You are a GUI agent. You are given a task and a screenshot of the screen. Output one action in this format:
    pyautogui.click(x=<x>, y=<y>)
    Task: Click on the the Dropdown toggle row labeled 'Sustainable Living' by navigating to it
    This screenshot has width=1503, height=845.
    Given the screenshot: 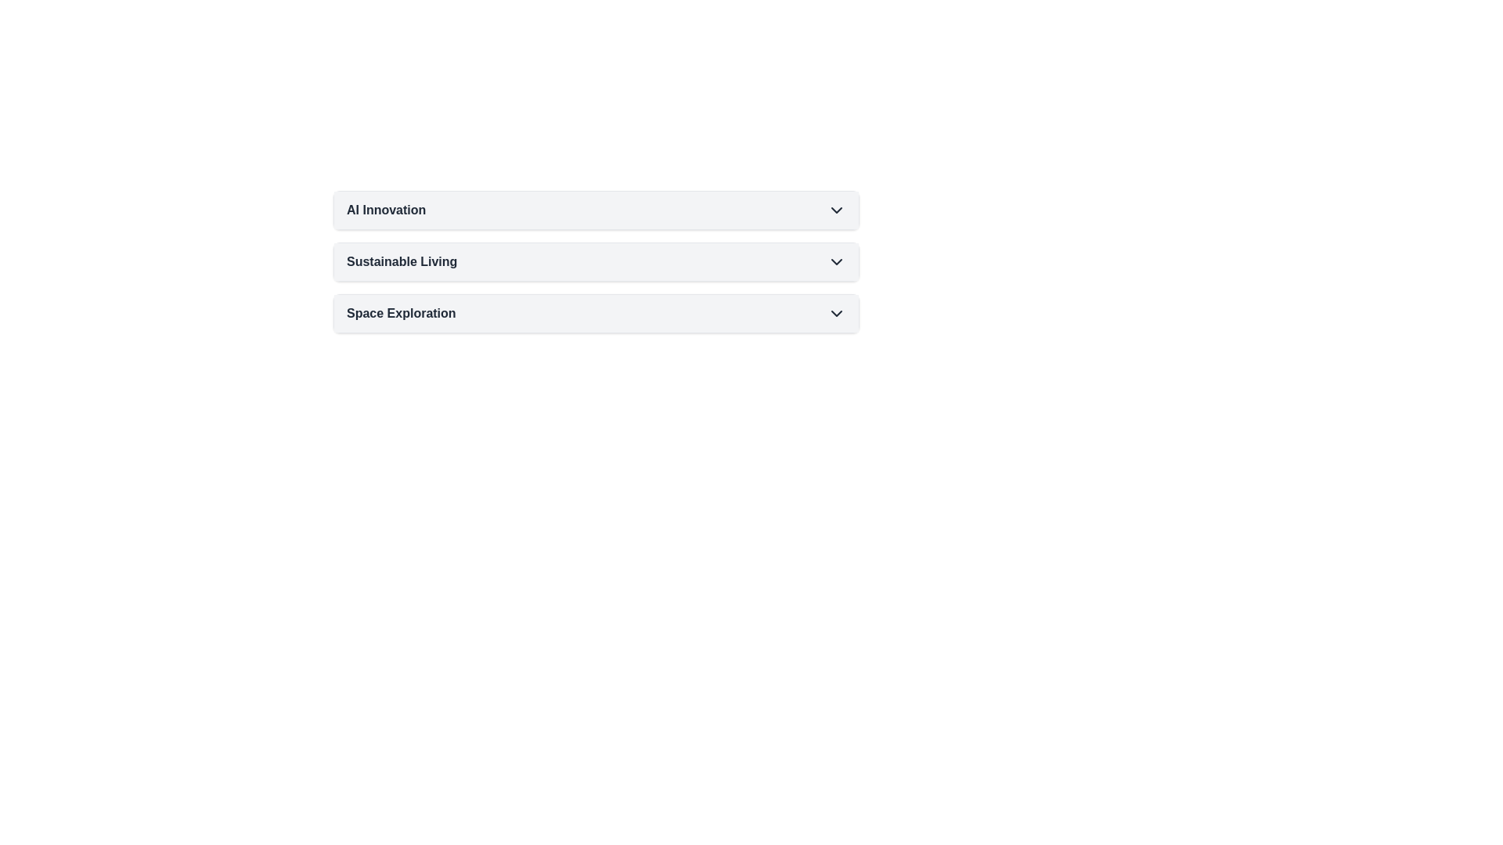 What is the action you would take?
    pyautogui.click(x=596, y=261)
    